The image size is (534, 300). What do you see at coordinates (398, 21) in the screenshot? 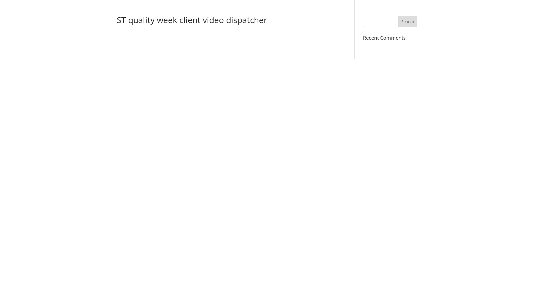
I see `'Search'` at bounding box center [398, 21].